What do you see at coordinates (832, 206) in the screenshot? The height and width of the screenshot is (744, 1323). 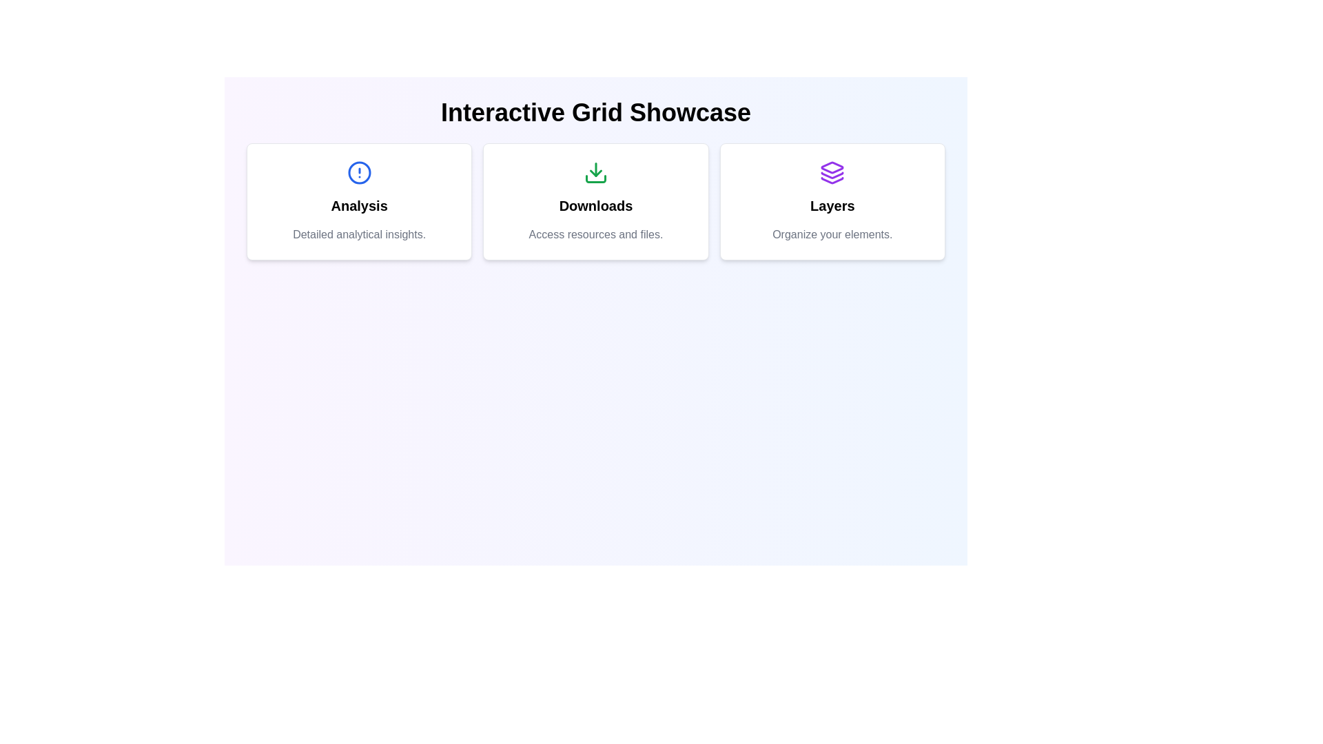 I see `the text label displaying 'Layers' in bold, located in the third card of the Interactive Grid Showcase, positioned below the icon and above the subtitle 'Organize your elements.'` at bounding box center [832, 206].